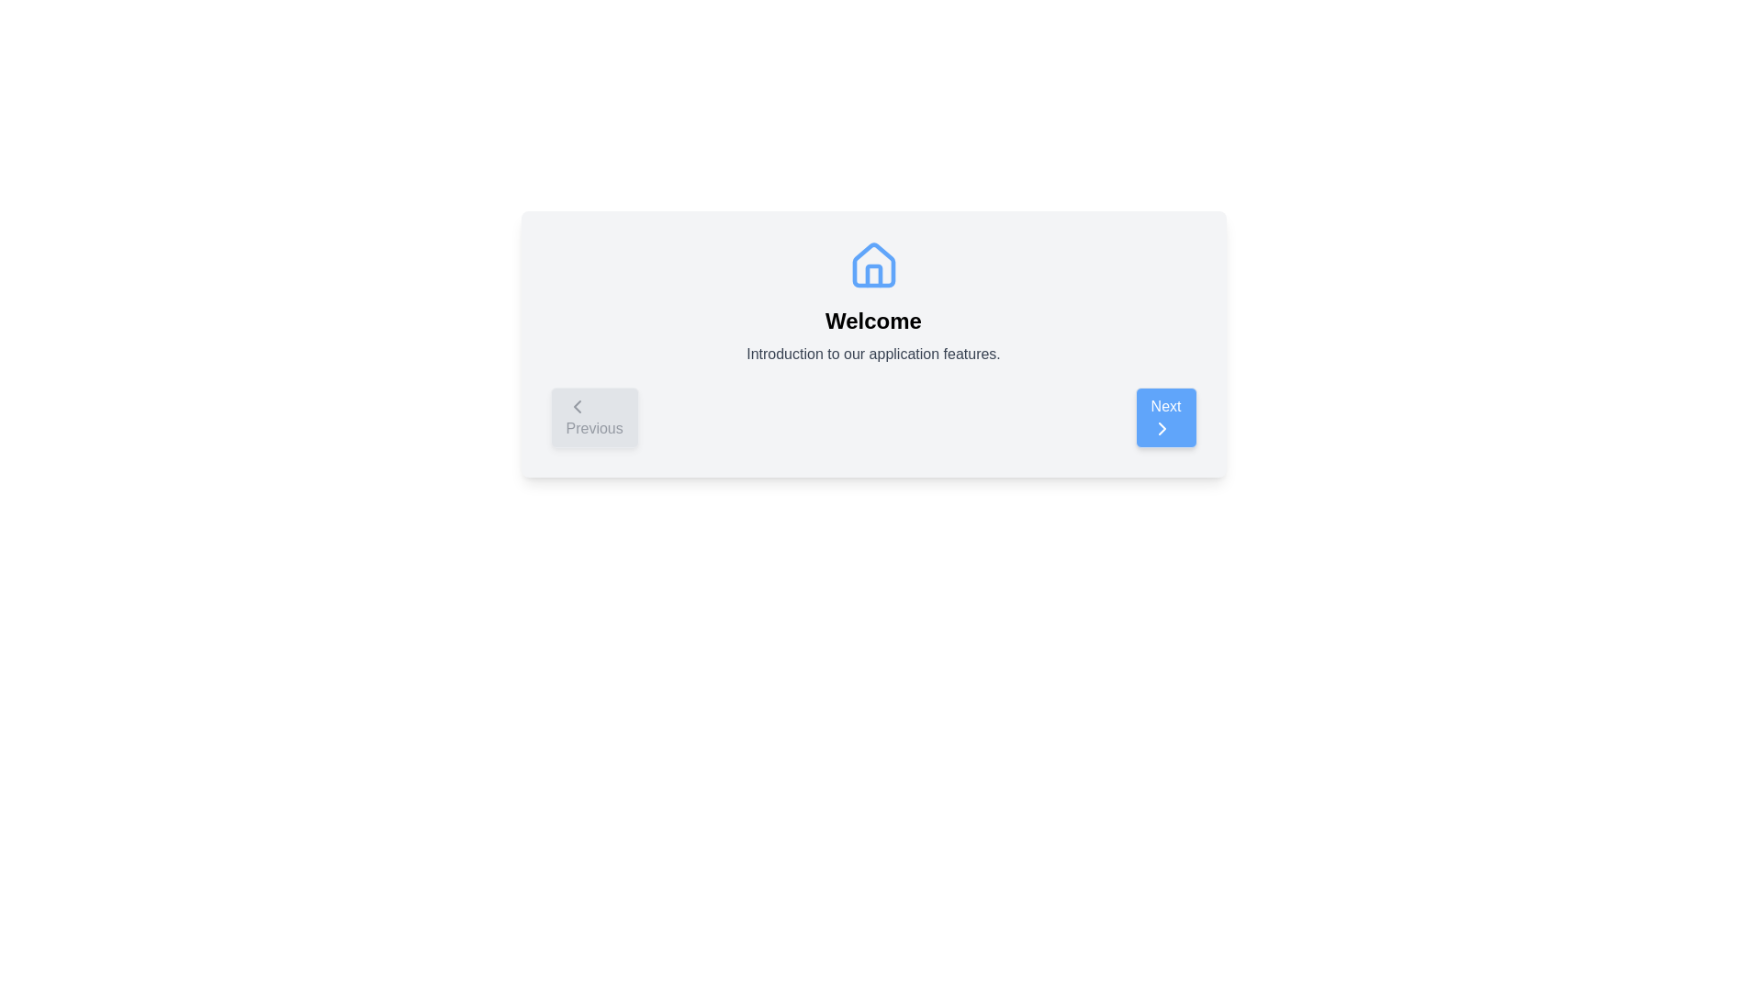 Image resolution: width=1763 pixels, height=992 pixels. I want to click on the decorative Icon component that is part of the house illustration, positioned directly below the triangular roof of the house icon, so click(872, 265).